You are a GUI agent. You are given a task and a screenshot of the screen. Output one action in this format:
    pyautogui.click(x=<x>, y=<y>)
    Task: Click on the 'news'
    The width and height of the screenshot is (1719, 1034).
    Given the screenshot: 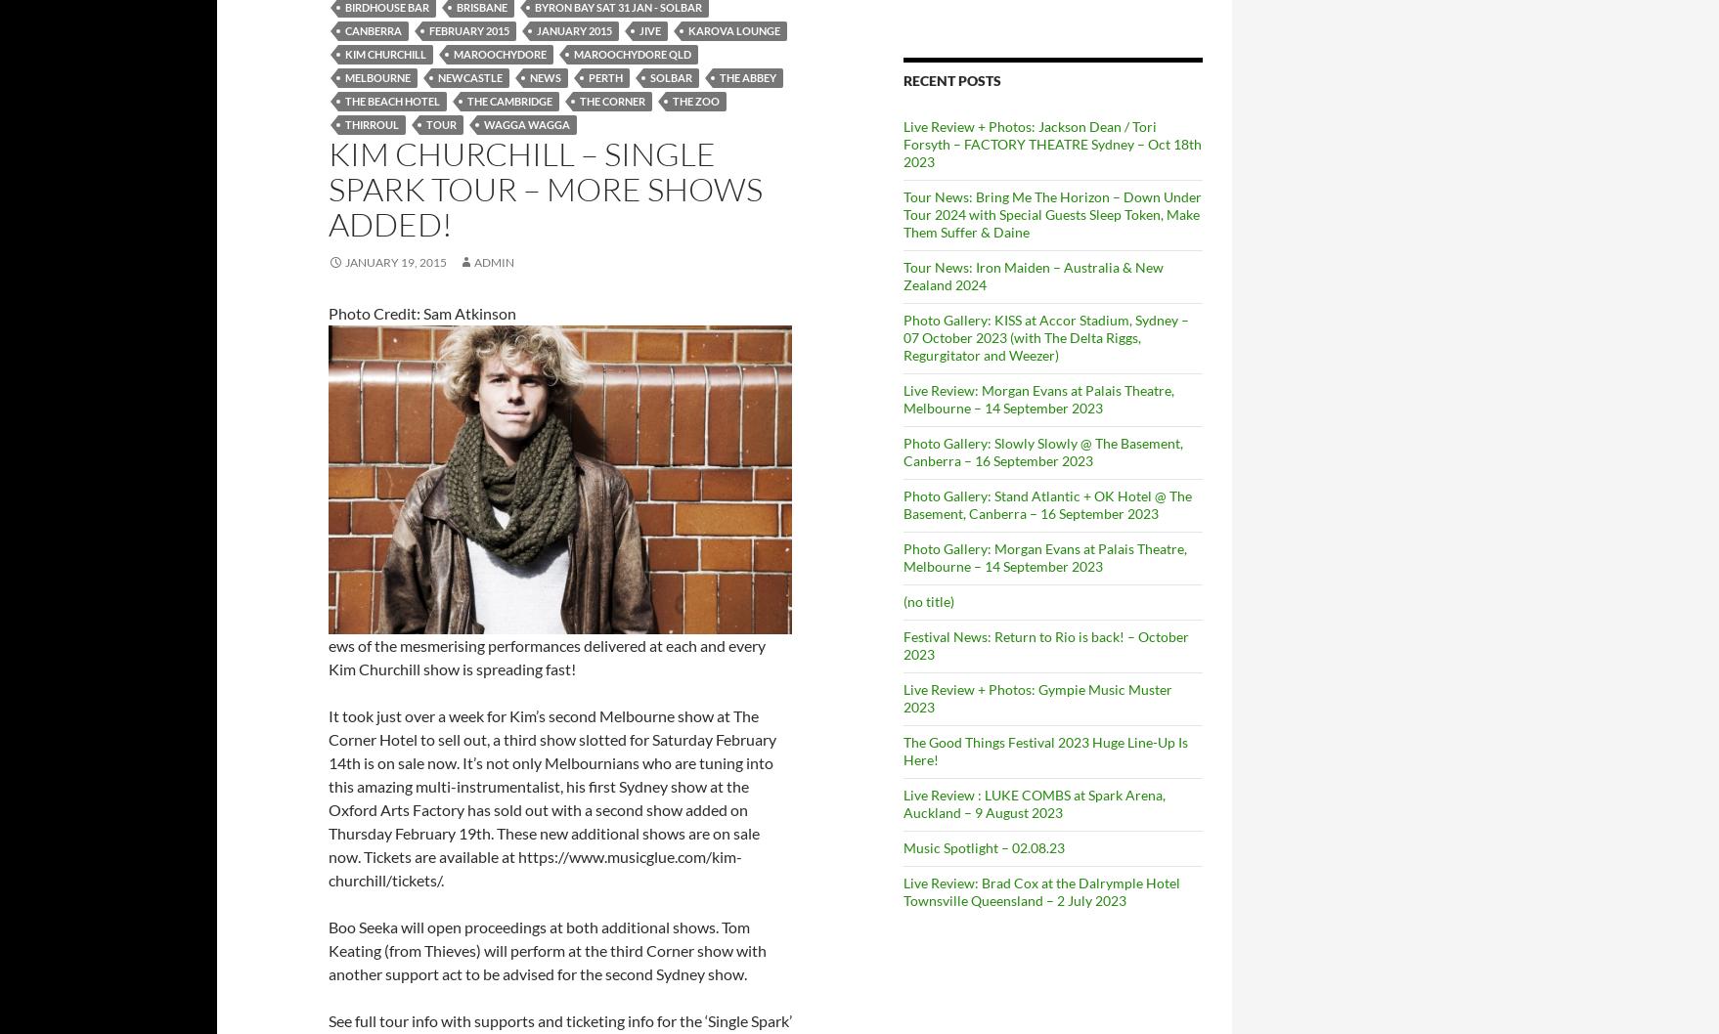 What is the action you would take?
    pyautogui.click(x=544, y=77)
    